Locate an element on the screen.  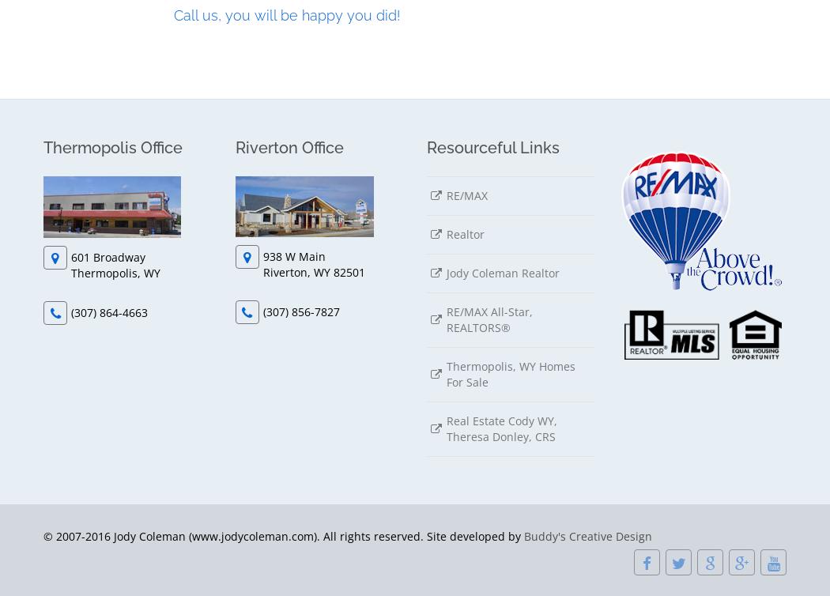
'Jody Coleman Realtor' is located at coordinates (503, 271).